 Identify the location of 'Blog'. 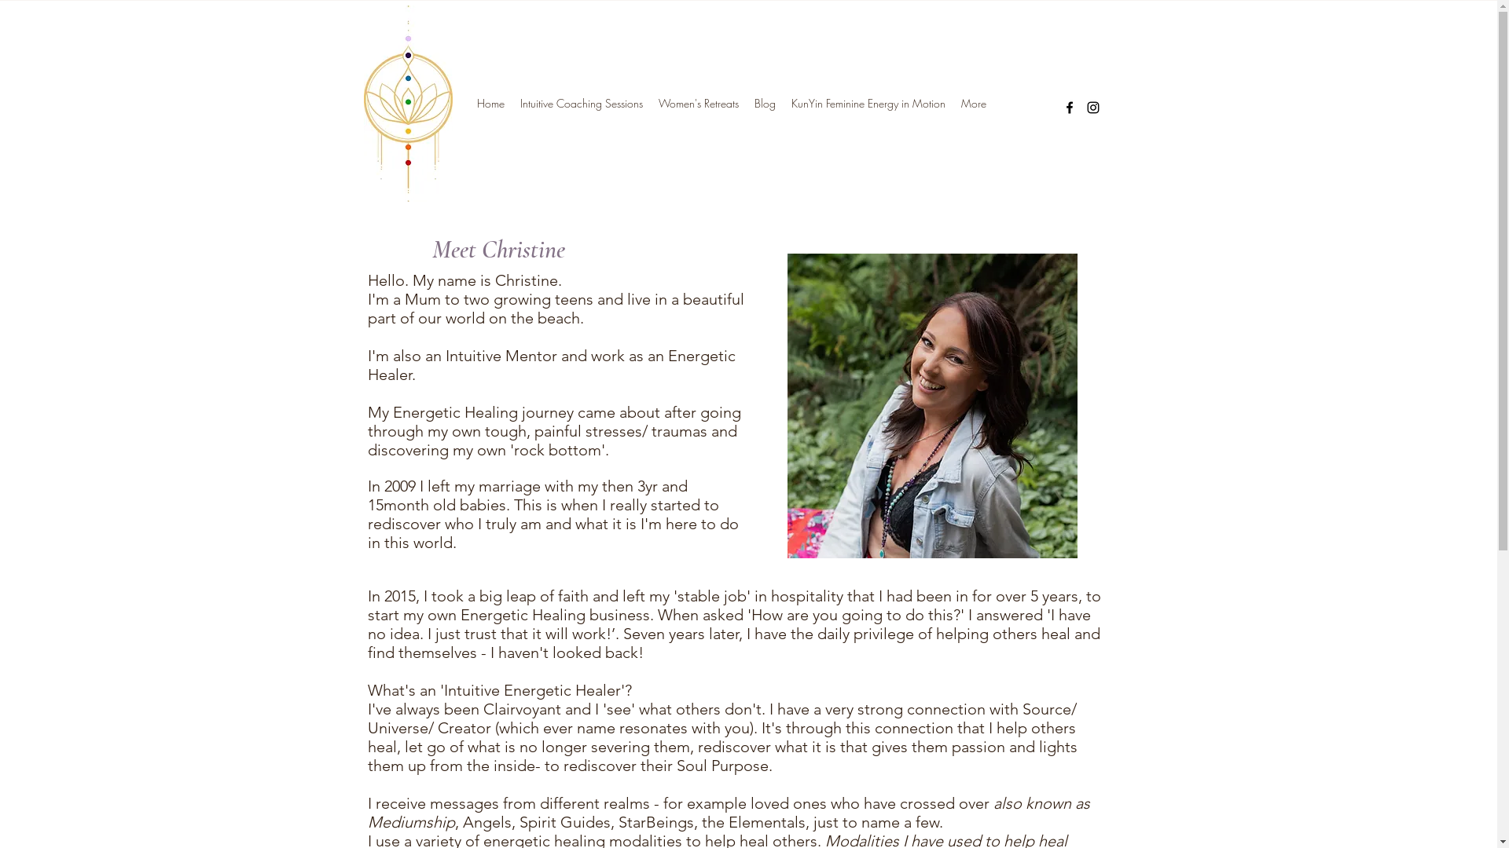
(765, 103).